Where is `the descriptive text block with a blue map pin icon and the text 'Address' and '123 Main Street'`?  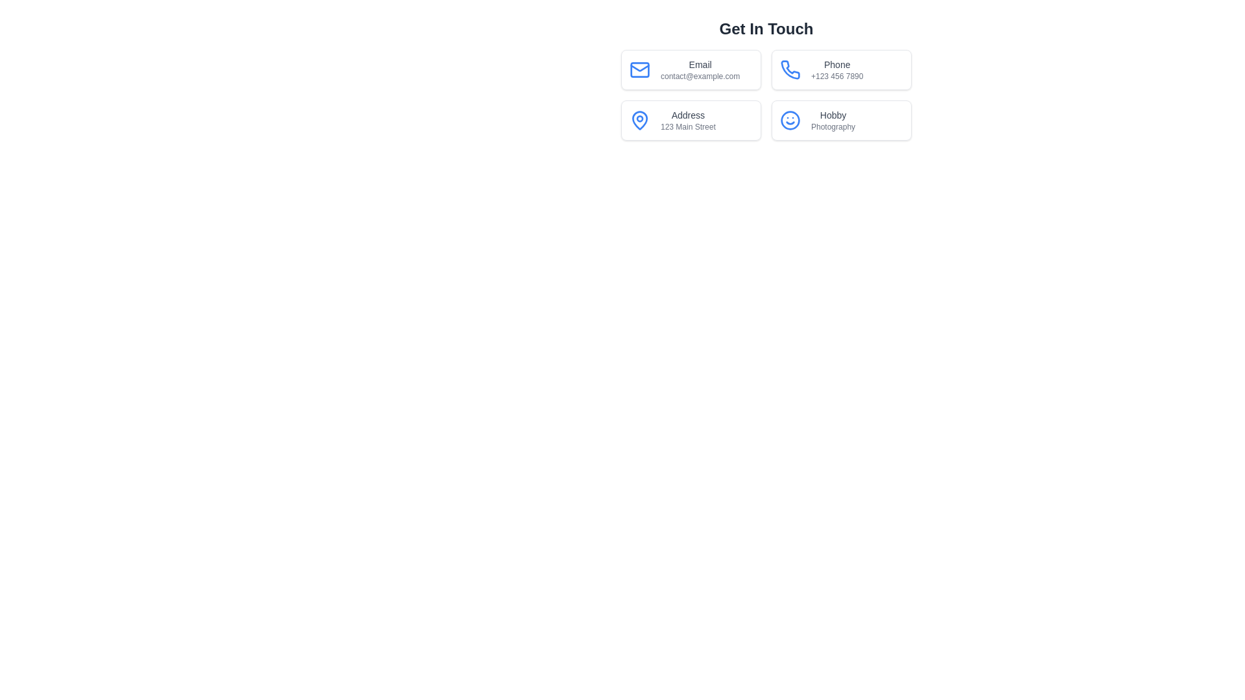
the descriptive text block with a blue map pin icon and the text 'Address' and '123 Main Street' is located at coordinates (690, 120).